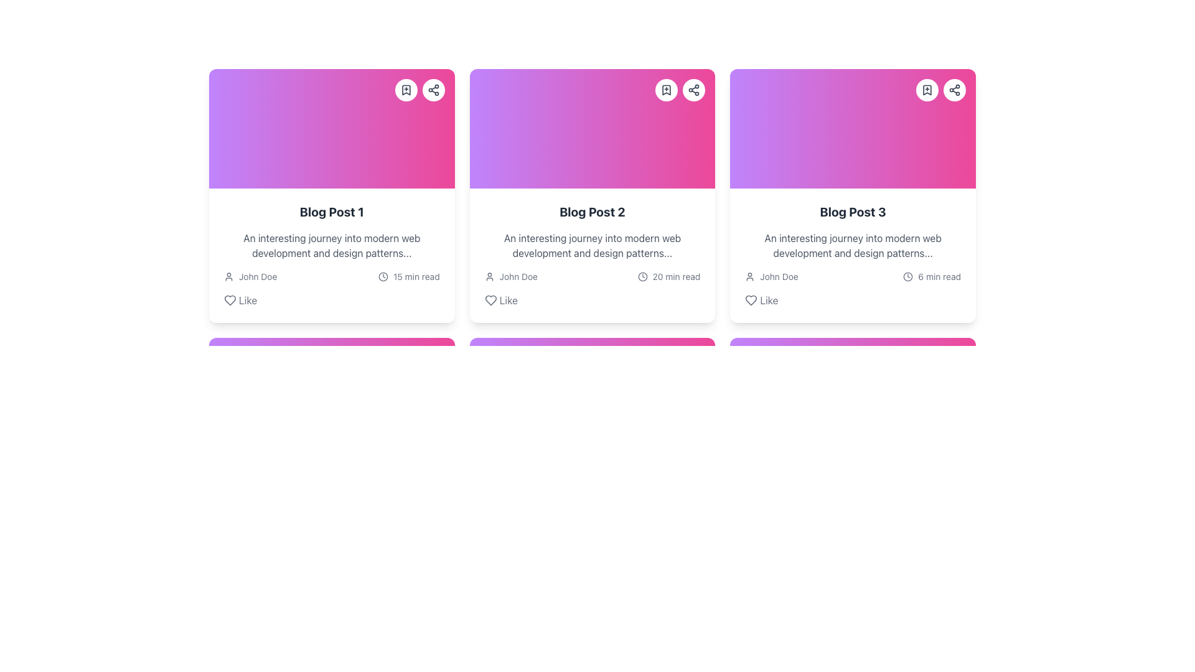  Describe the element at coordinates (852, 211) in the screenshot. I see `the text label heading of 'Blog Post 3' to change its color` at that location.